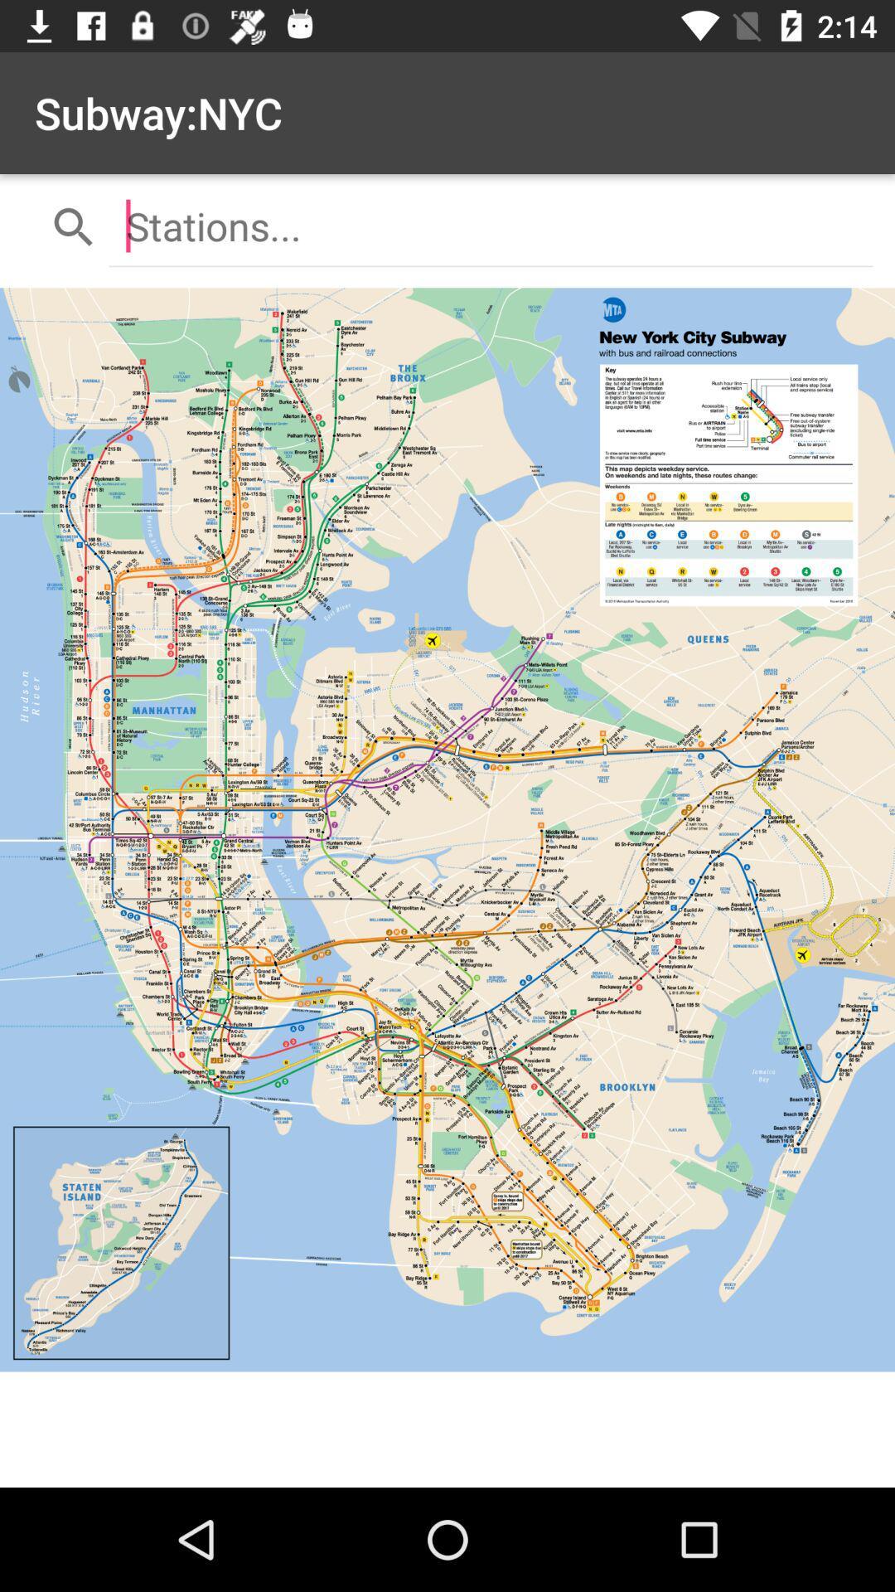  Describe the element at coordinates (490, 226) in the screenshot. I see `the item below subway:nyc icon` at that location.